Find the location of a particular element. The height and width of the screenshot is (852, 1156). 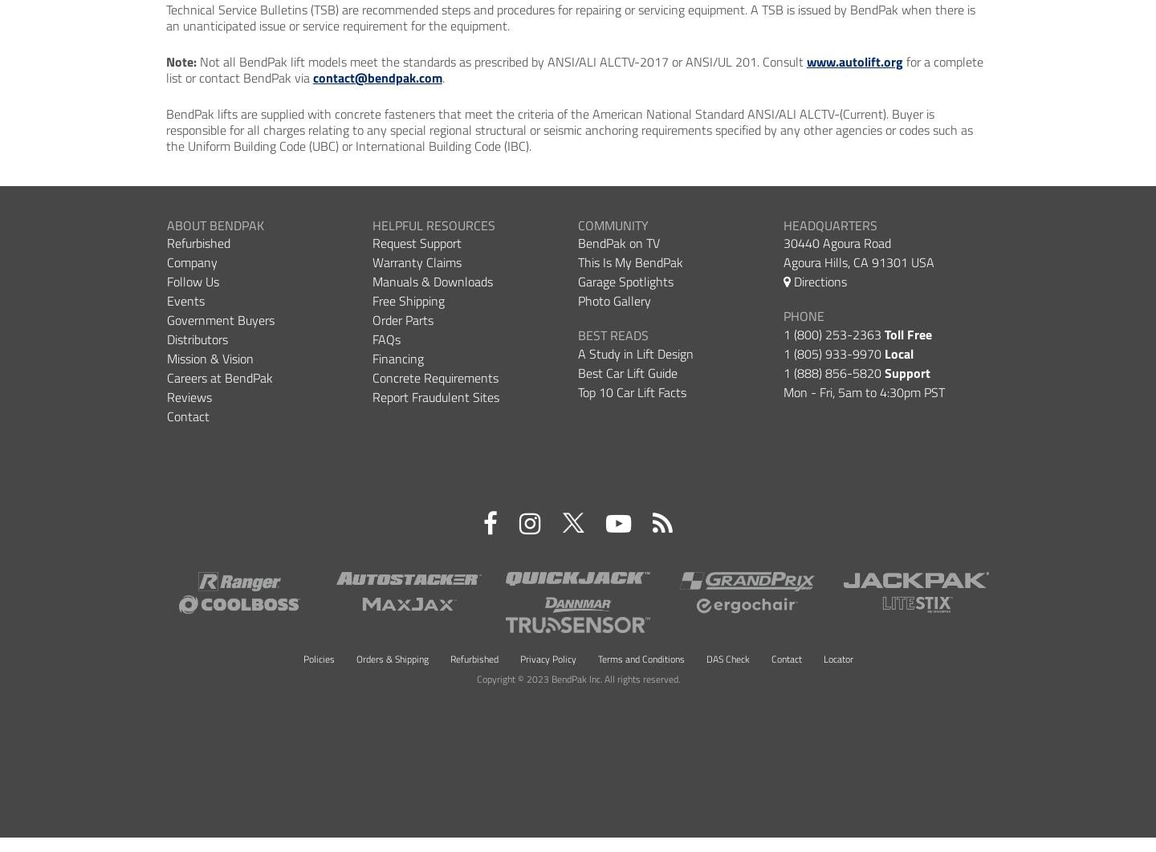

'DAS Check' is located at coordinates (727, 657).